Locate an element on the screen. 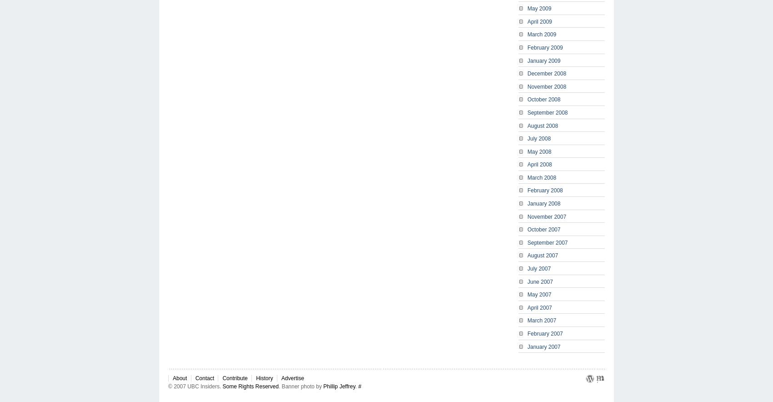 The width and height of the screenshot is (773, 402). 'Phillip Jeffrey' is located at coordinates (323, 385).